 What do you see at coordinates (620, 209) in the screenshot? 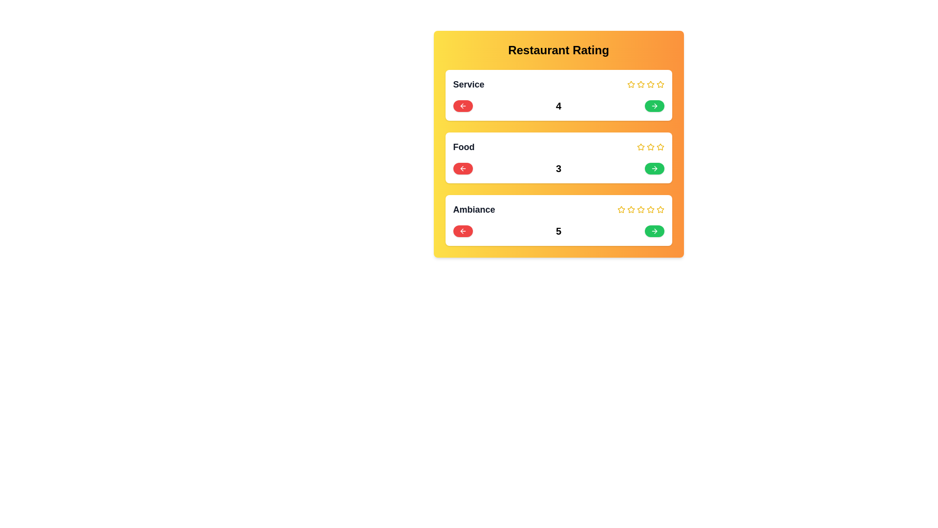
I see `the second yellow star in the Ambiance rating section` at bounding box center [620, 209].